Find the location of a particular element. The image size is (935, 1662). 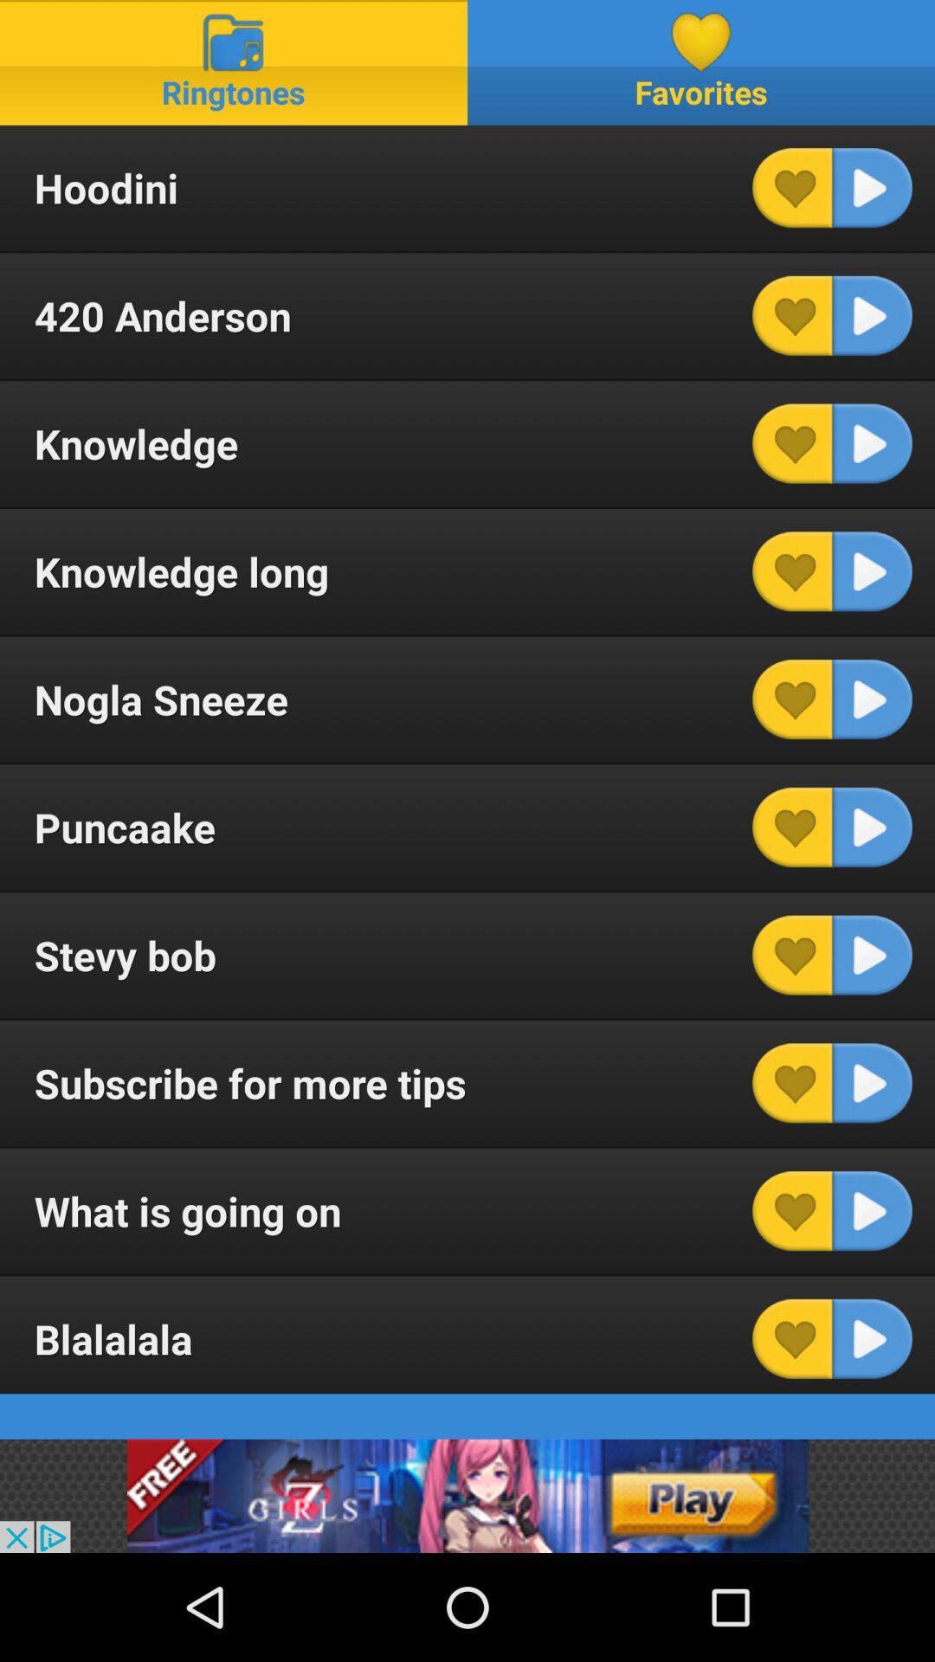

option is located at coordinates (872, 1210).